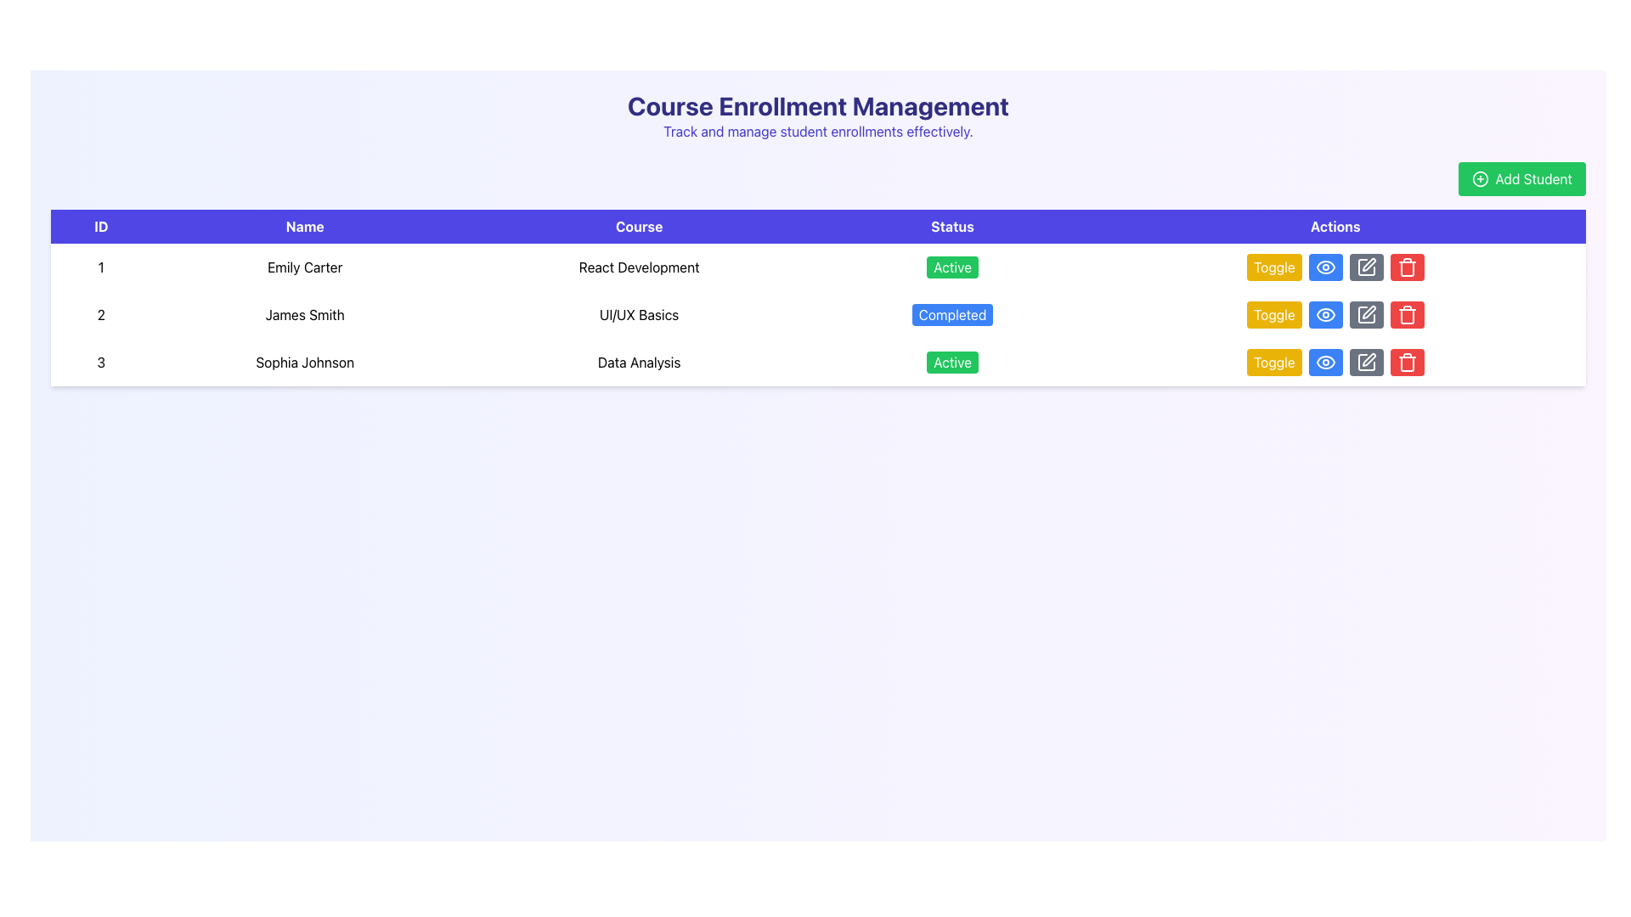 This screenshot has height=917, width=1631. What do you see at coordinates (1324, 362) in the screenshot?
I see `the outer contour of the eye icon in the 'Actions' column of the third row of the data table` at bounding box center [1324, 362].